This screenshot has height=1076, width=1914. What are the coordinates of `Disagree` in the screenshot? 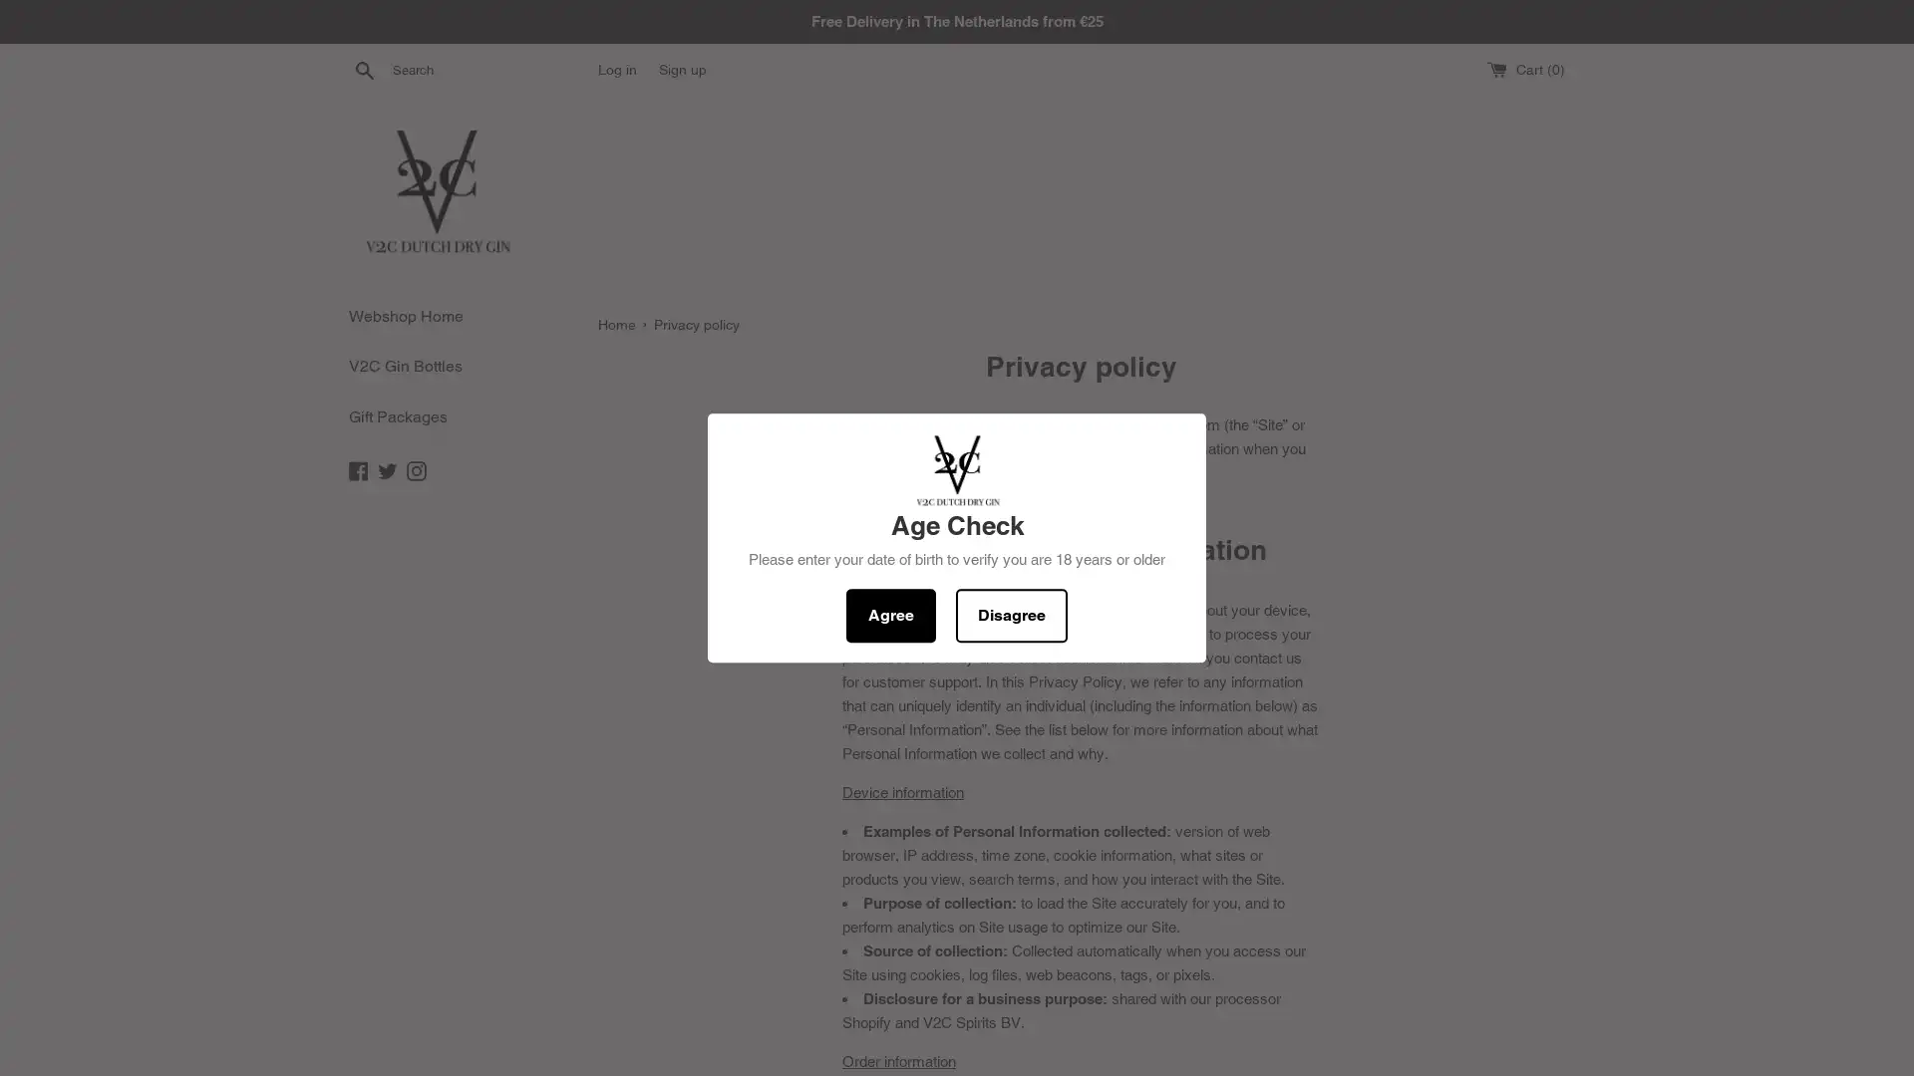 It's located at (1011, 614).